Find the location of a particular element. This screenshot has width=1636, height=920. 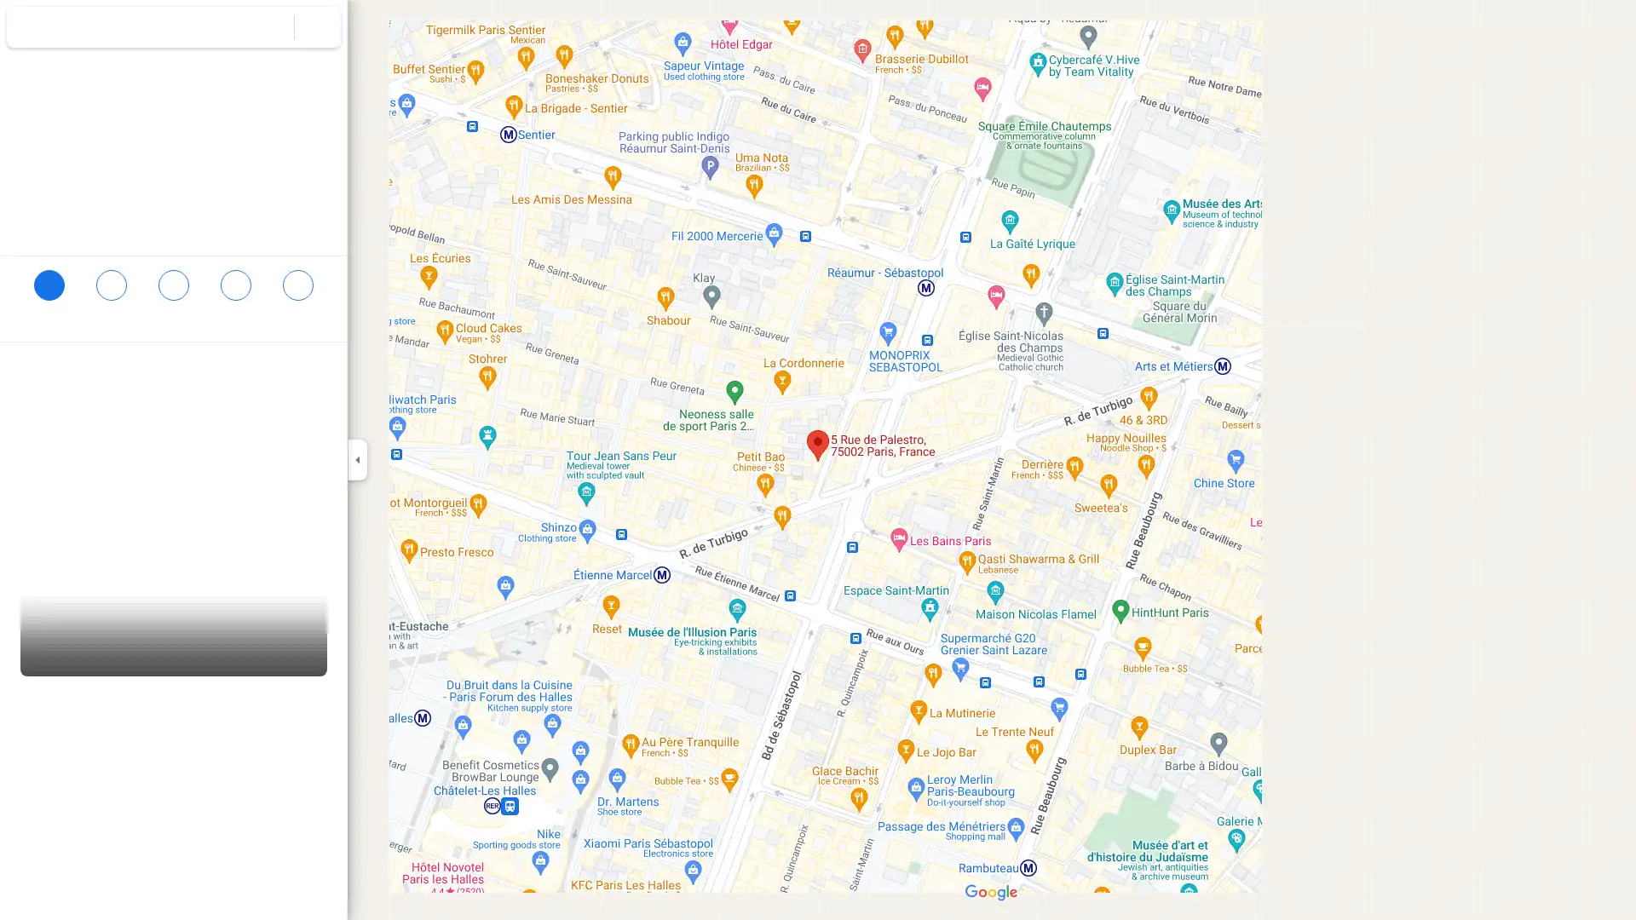

Search is located at coordinates (270, 26).